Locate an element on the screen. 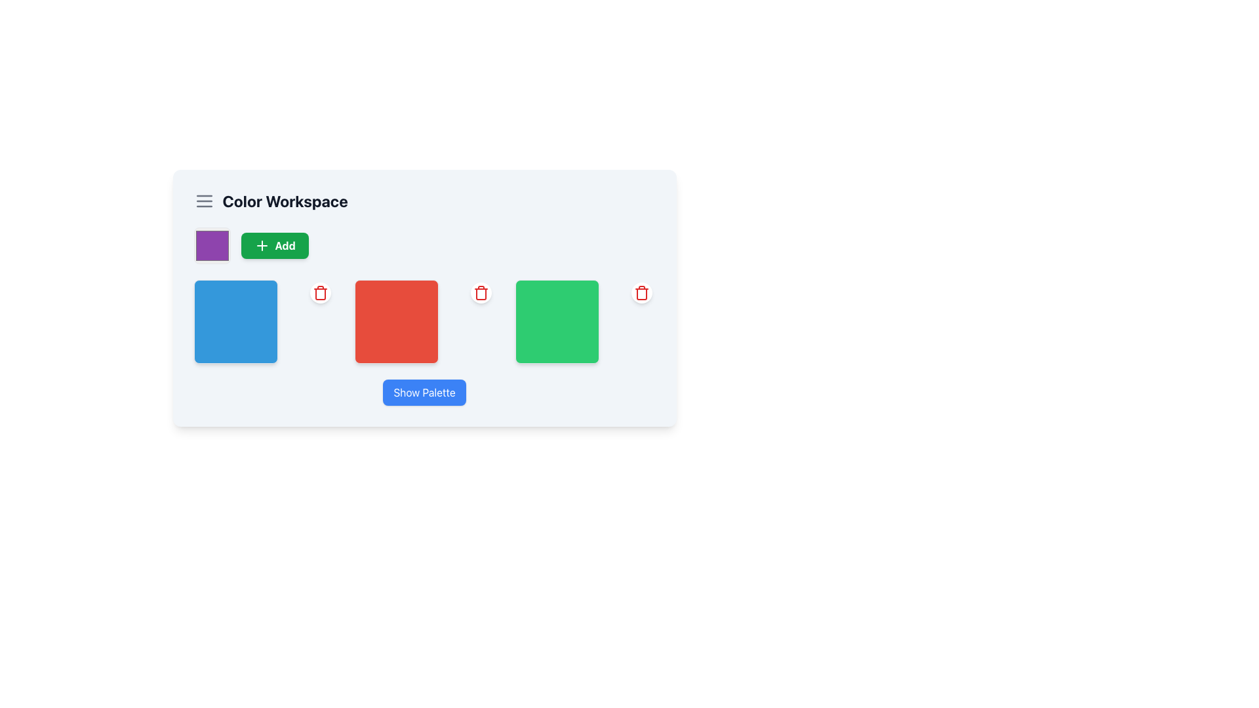 The width and height of the screenshot is (1259, 708). the 'Show Palette' button, which is a rectangular button with rounded corners, displaying white text on a blue background, located at the bottom-middle area of the interface is located at coordinates (424, 391).